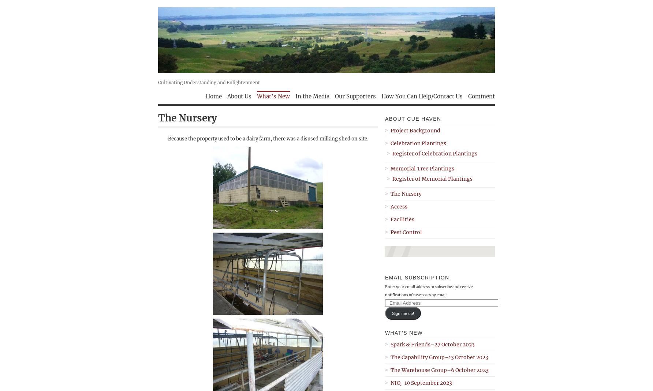  What do you see at coordinates (406, 232) in the screenshot?
I see `'Pest Control'` at bounding box center [406, 232].